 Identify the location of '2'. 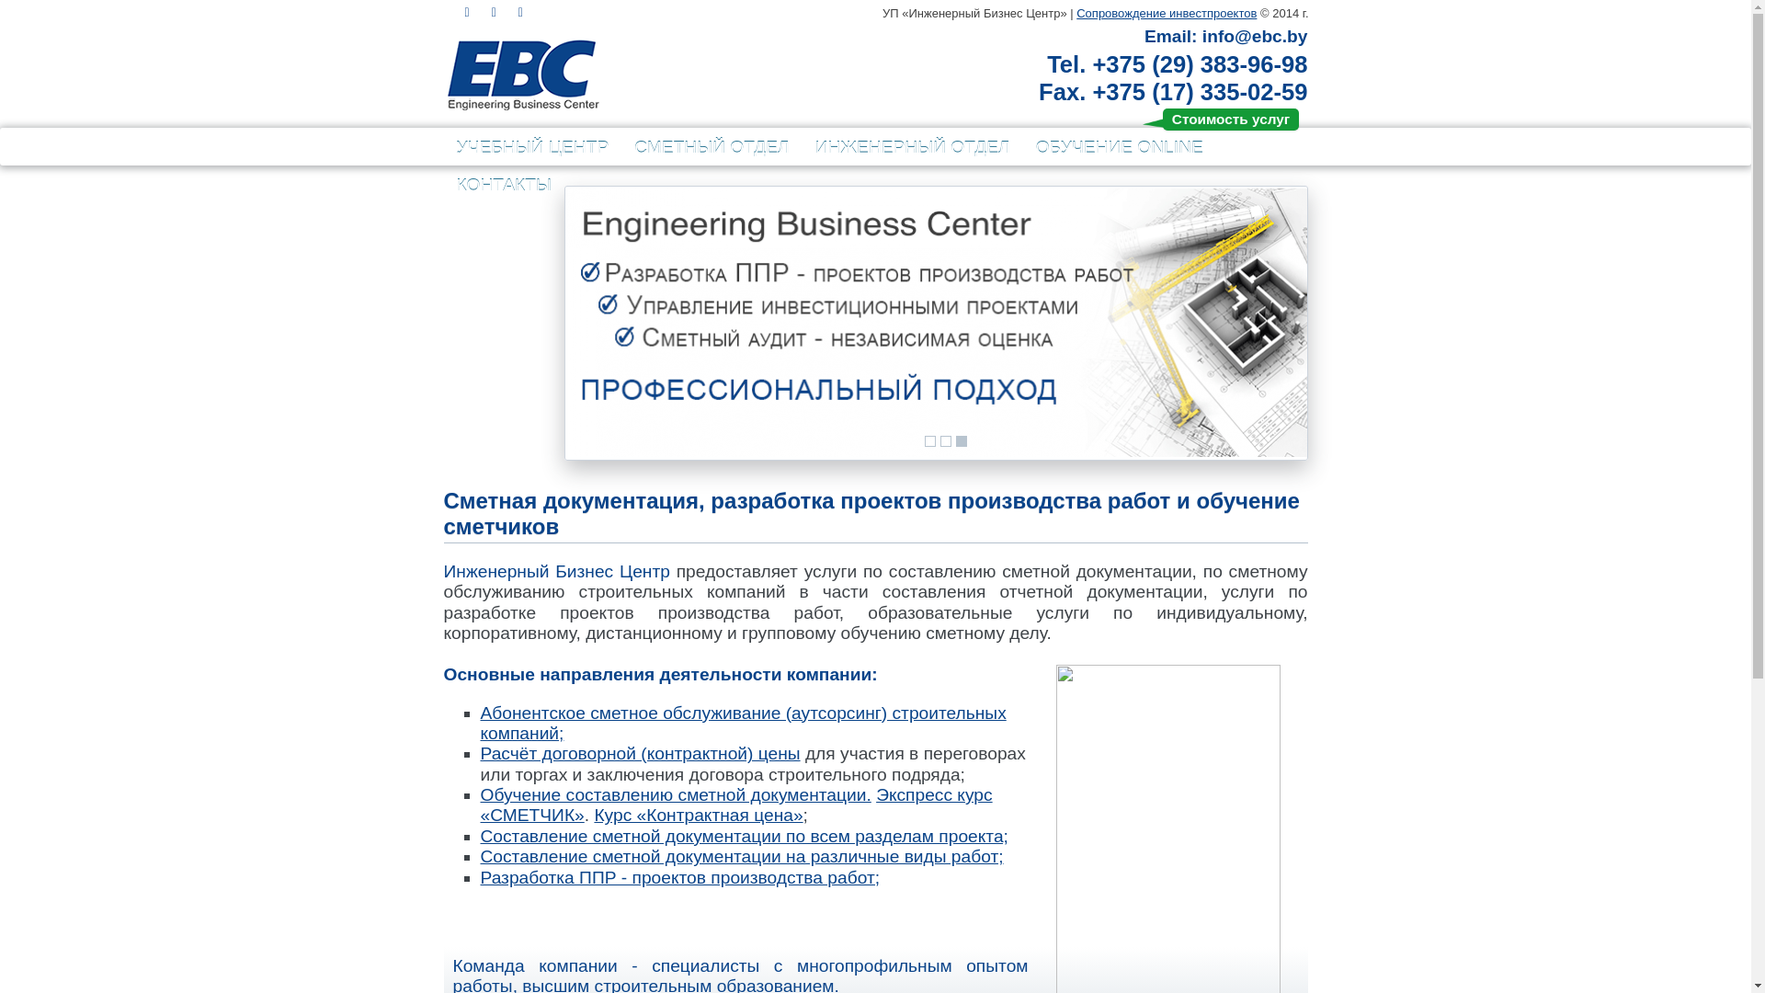
(945, 440).